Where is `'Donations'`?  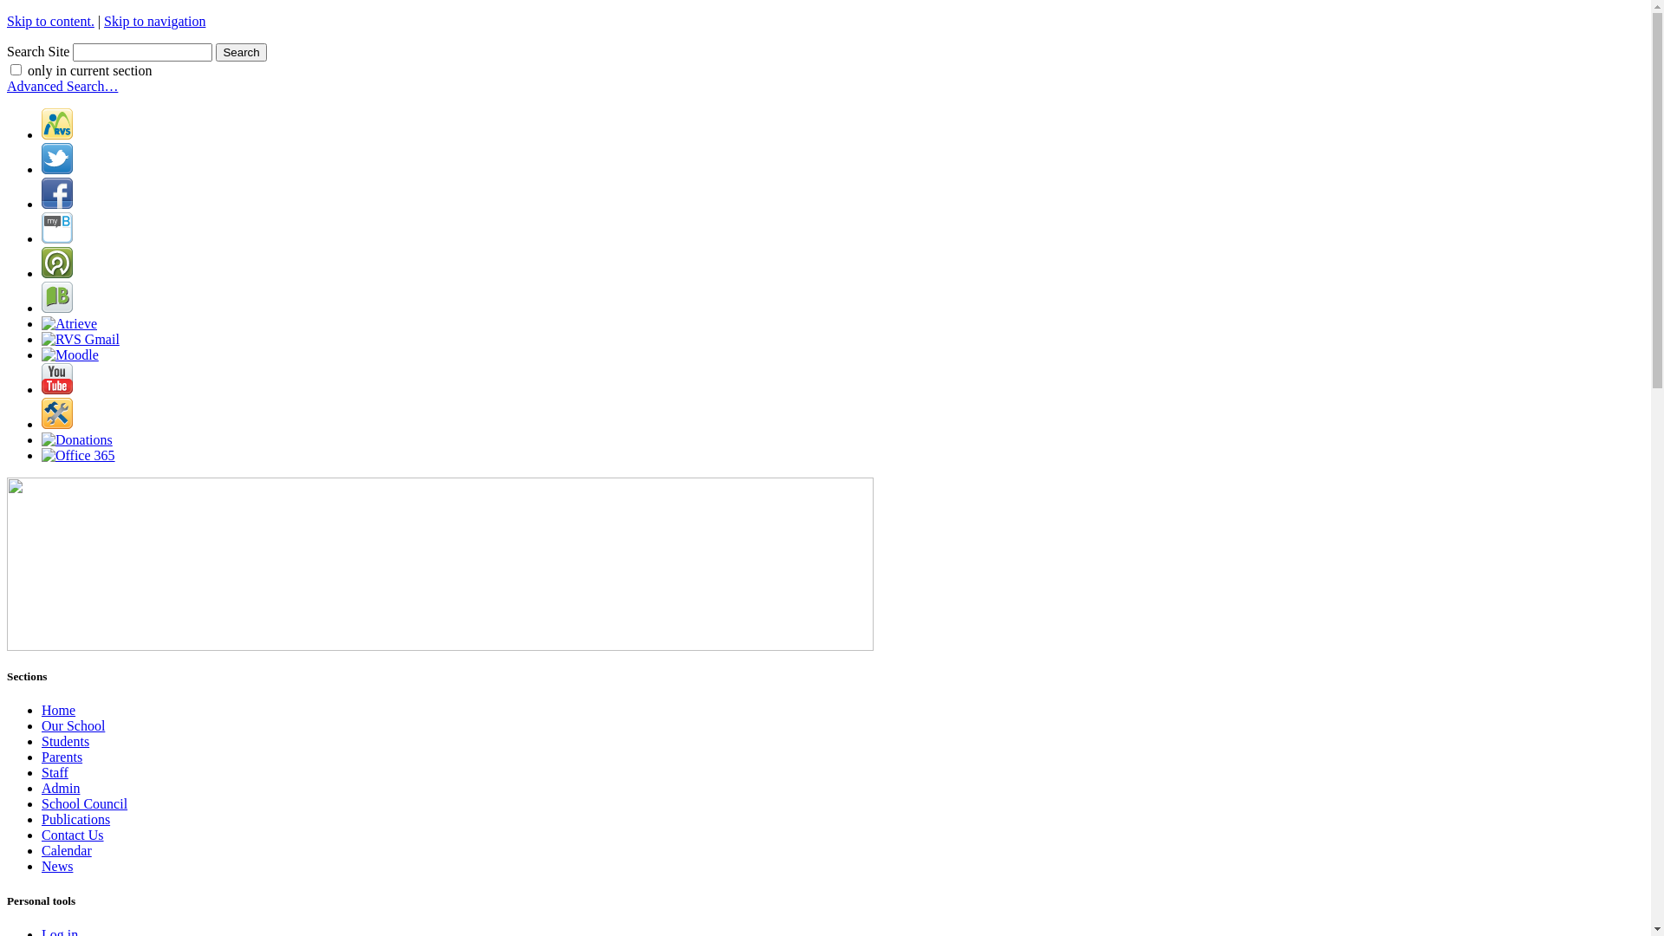 'Donations' is located at coordinates (76, 439).